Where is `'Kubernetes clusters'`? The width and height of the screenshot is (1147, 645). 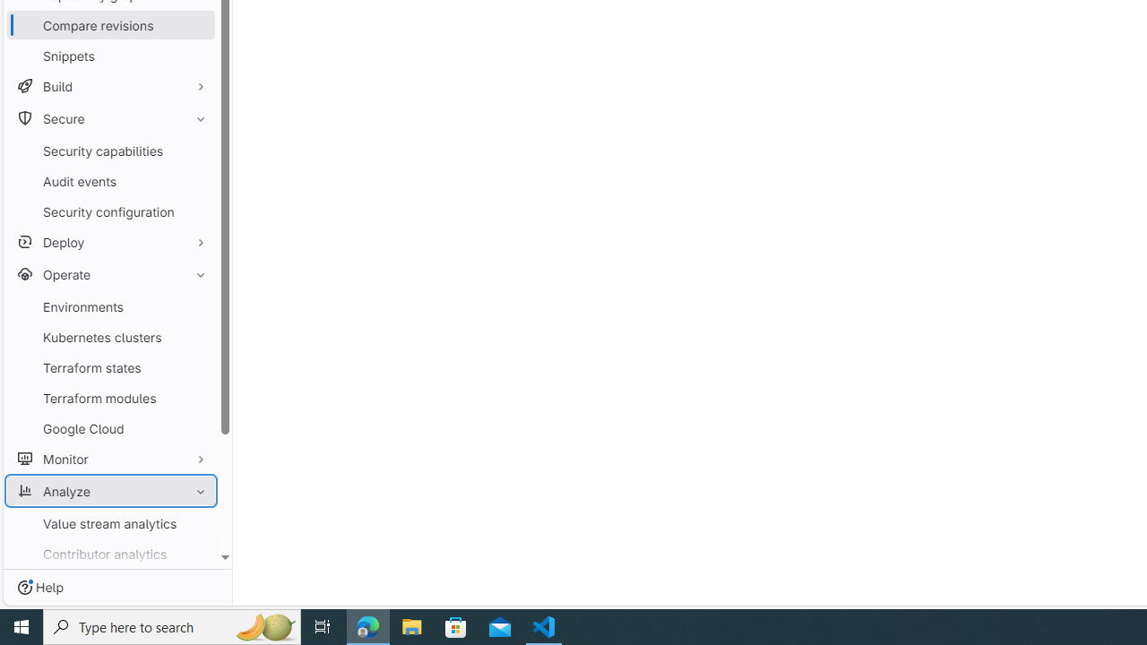 'Kubernetes clusters' is located at coordinates (110, 337).